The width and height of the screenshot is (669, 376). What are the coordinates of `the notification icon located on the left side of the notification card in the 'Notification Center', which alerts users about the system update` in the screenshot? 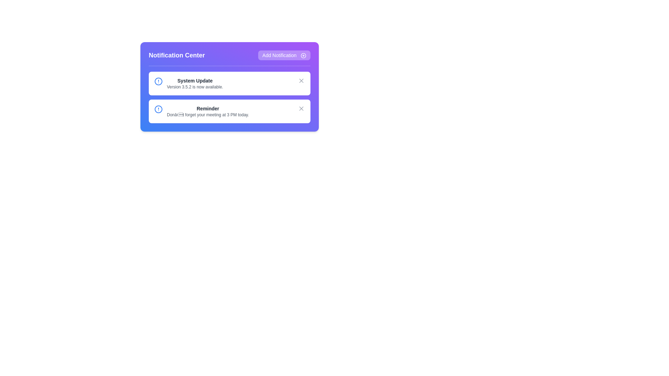 It's located at (158, 81).